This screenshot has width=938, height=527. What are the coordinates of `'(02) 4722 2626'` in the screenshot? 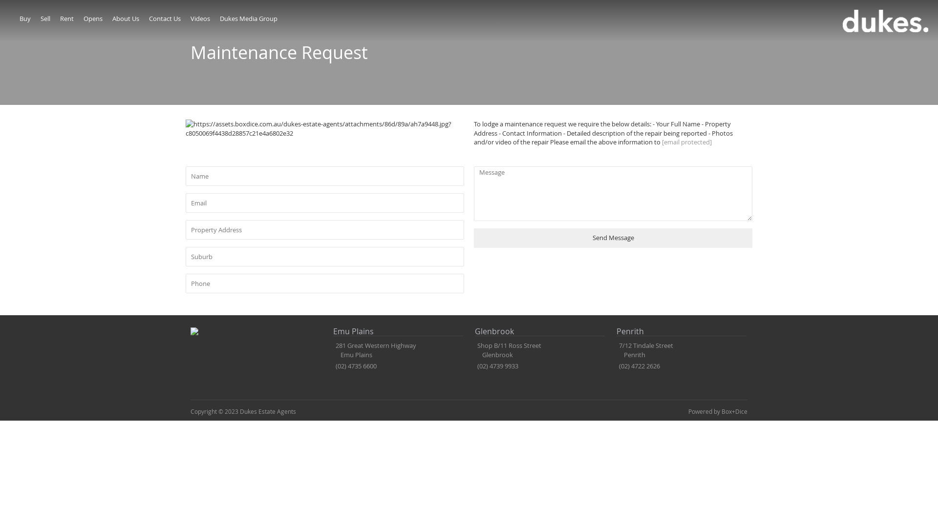 It's located at (618, 365).